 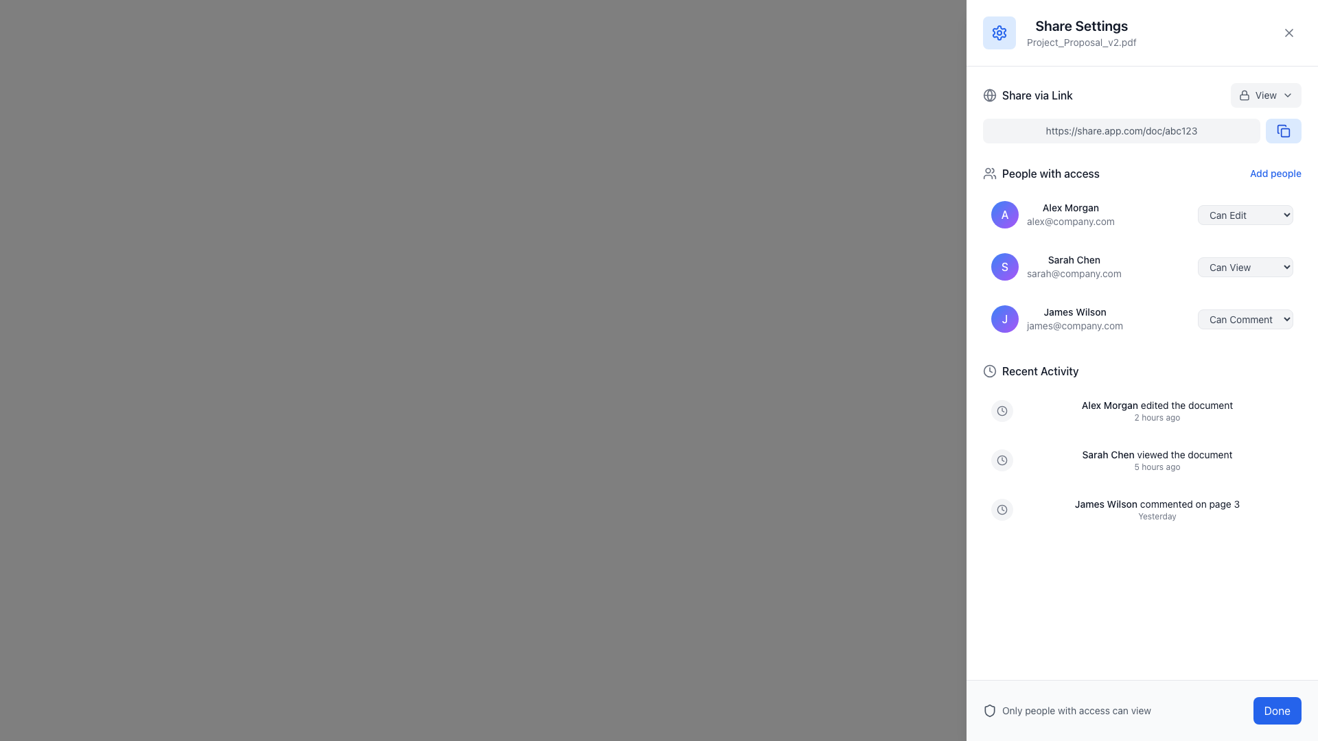 What do you see at coordinates (1156, 460) in the screenshot?
I see `the Activity Log Entry that states 'Sarah Chen viewed the document' in bold, which is the second entry in the Recent Activity section` at bounding box center [1156, 460].